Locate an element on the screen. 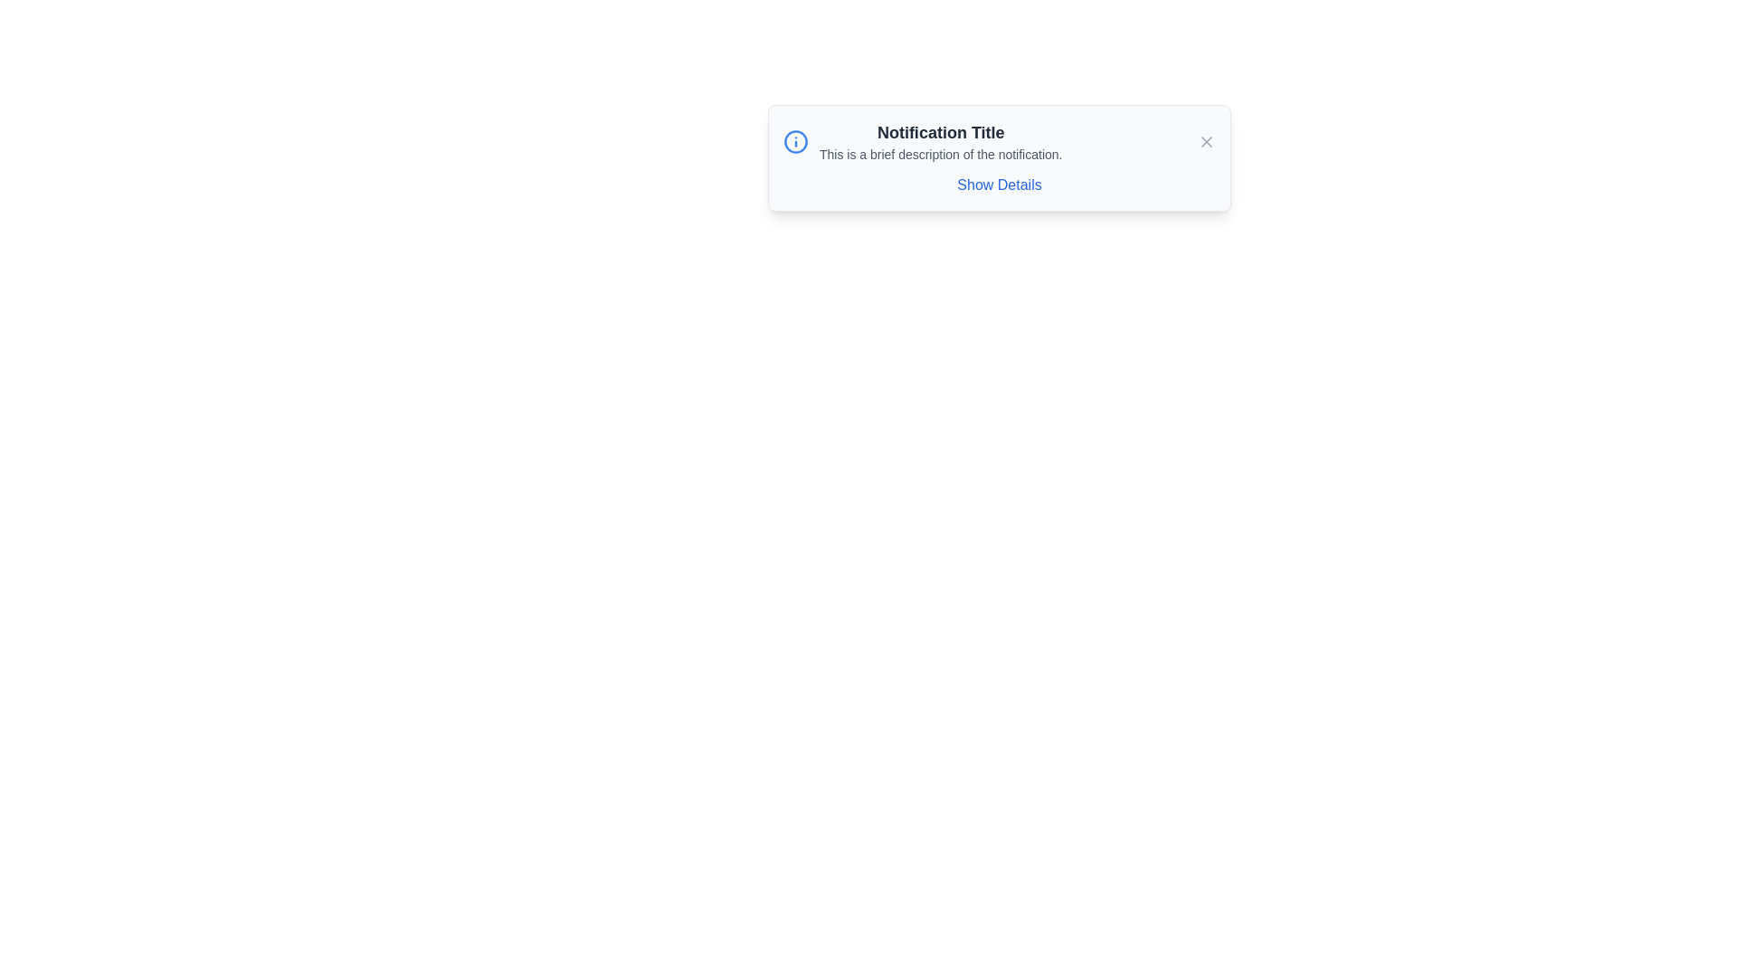 The width and height of the screenshot is (1737, 977). the hyperlink or button located at the bottom-center of the notification card is located at coordinates (998, 185).